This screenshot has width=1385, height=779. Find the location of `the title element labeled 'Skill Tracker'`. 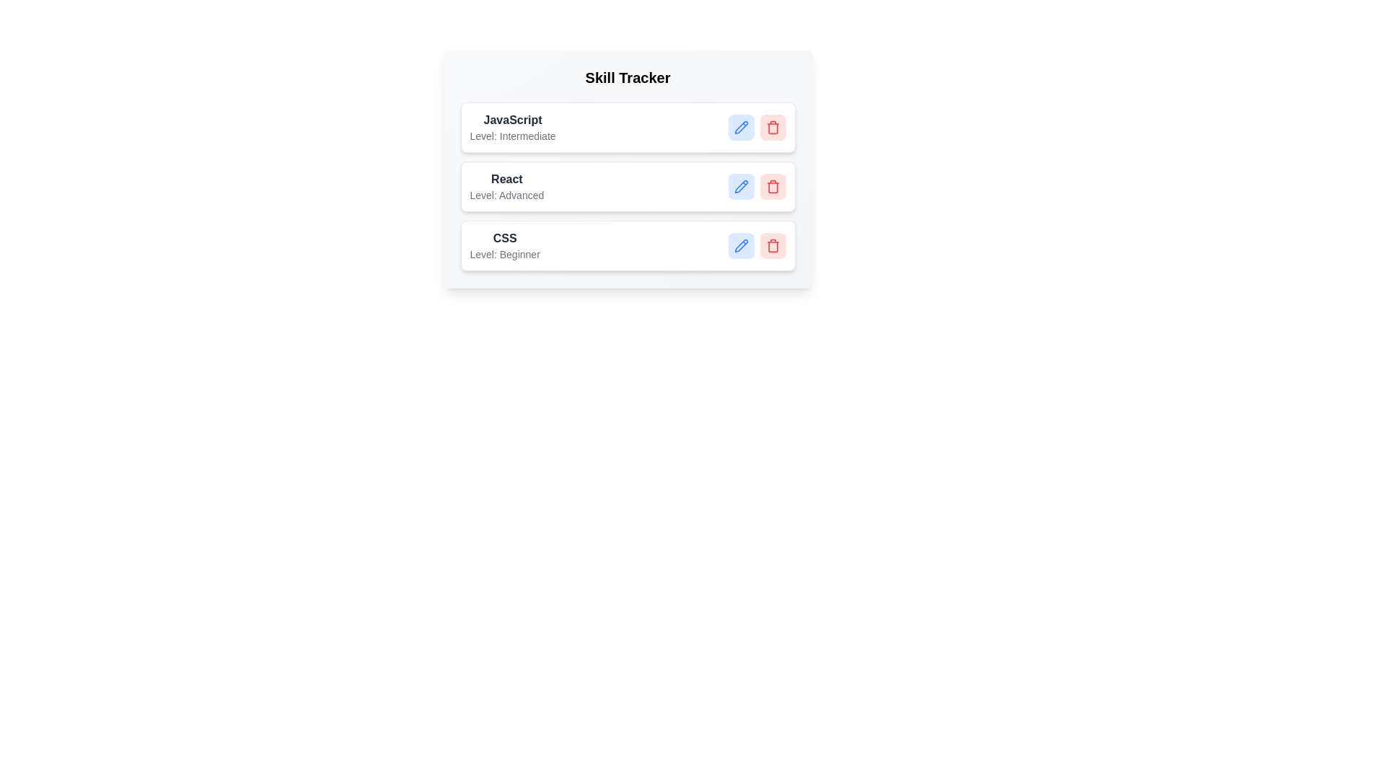

the title element labeled 'Skill Tracker' is located at coordinates (628, 78).